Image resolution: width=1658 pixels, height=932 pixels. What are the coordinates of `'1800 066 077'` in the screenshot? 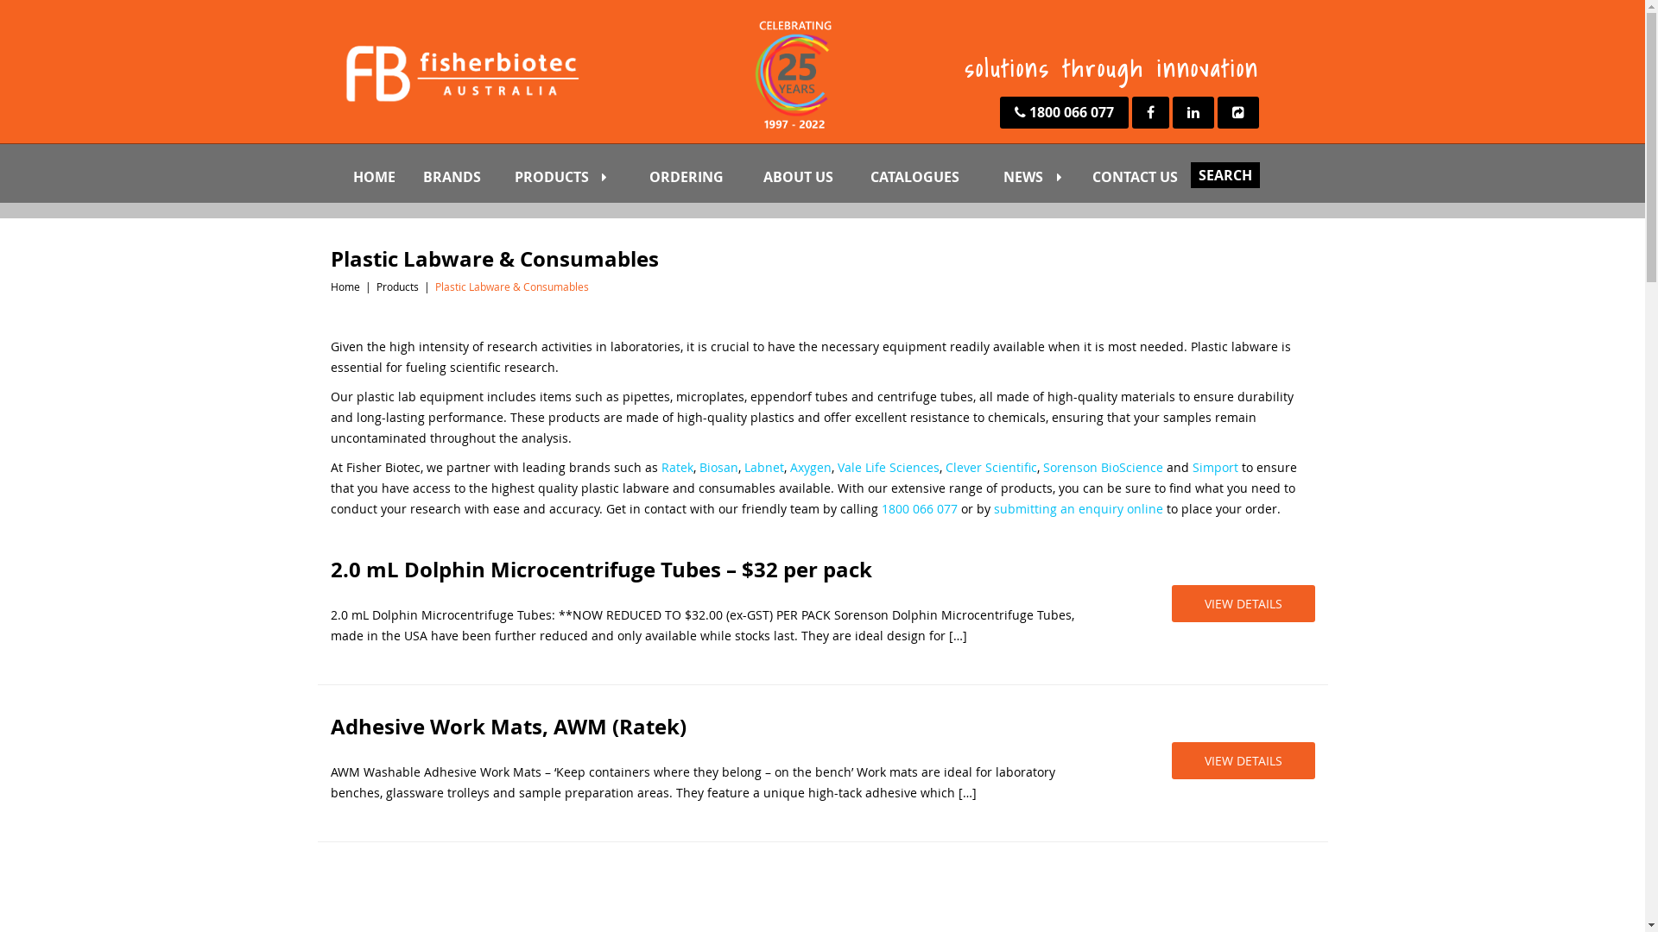 It's located at (1063, 112).